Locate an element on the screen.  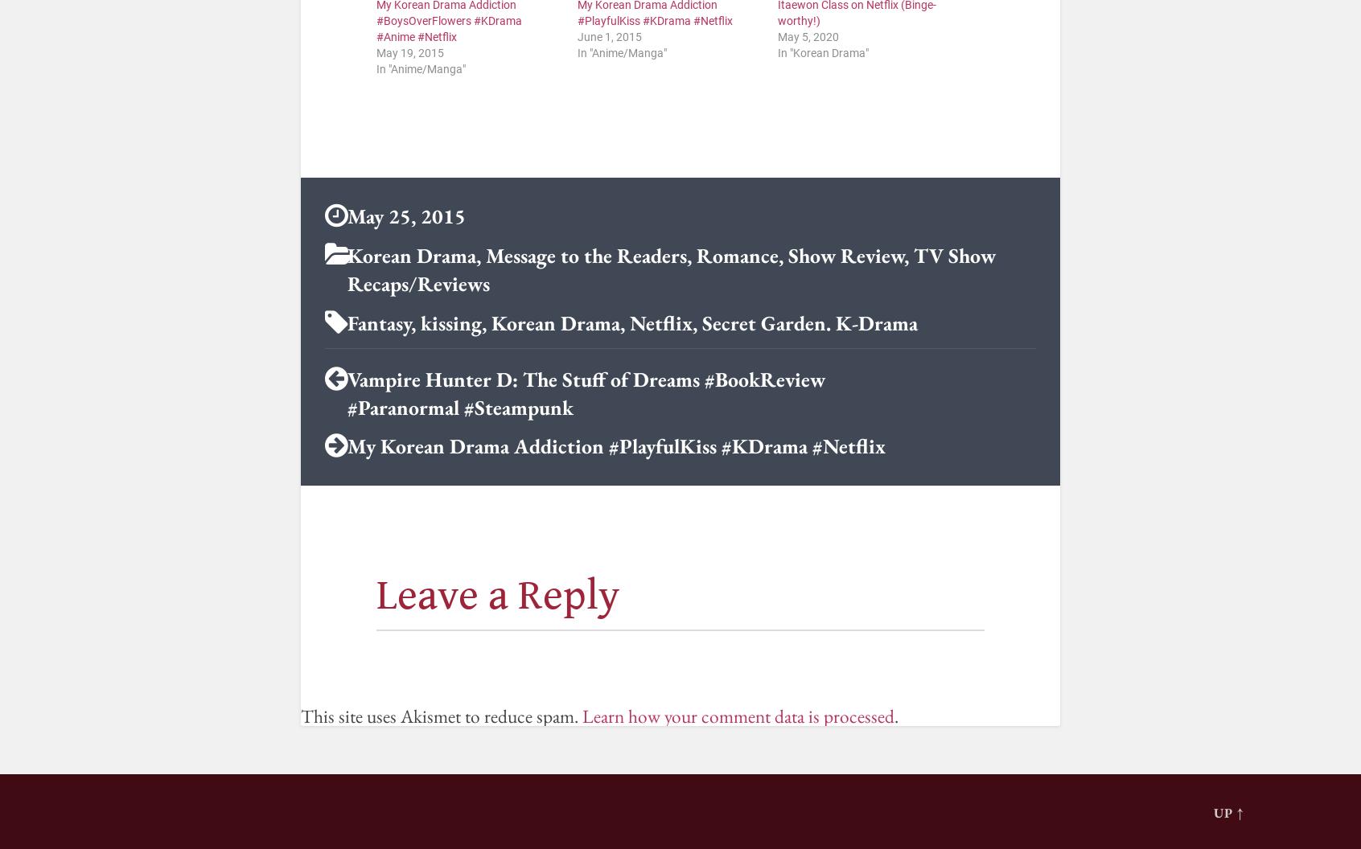
'Vampire Hunter D: The Stuff of Dreams #BookReview #Paranormal #Steampunk' is located at coordinates (586, 392).